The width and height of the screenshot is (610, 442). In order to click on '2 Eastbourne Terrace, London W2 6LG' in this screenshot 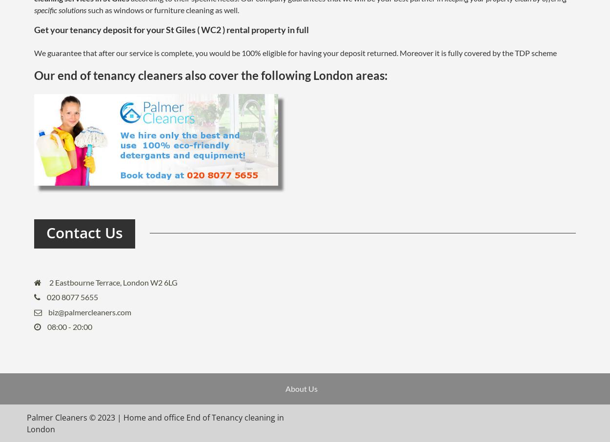, I will do `click(112, 282)`.